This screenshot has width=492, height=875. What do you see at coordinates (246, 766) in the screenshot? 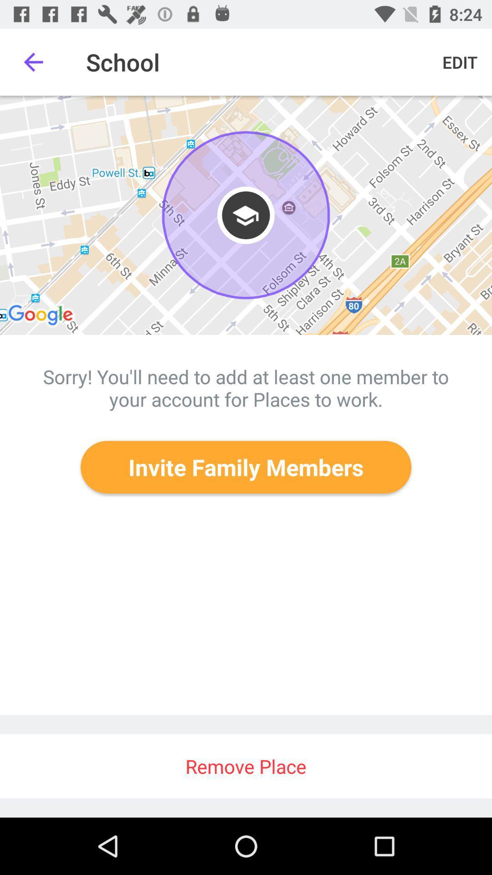
I see `remove place icon` at bounding box center [246, 766].